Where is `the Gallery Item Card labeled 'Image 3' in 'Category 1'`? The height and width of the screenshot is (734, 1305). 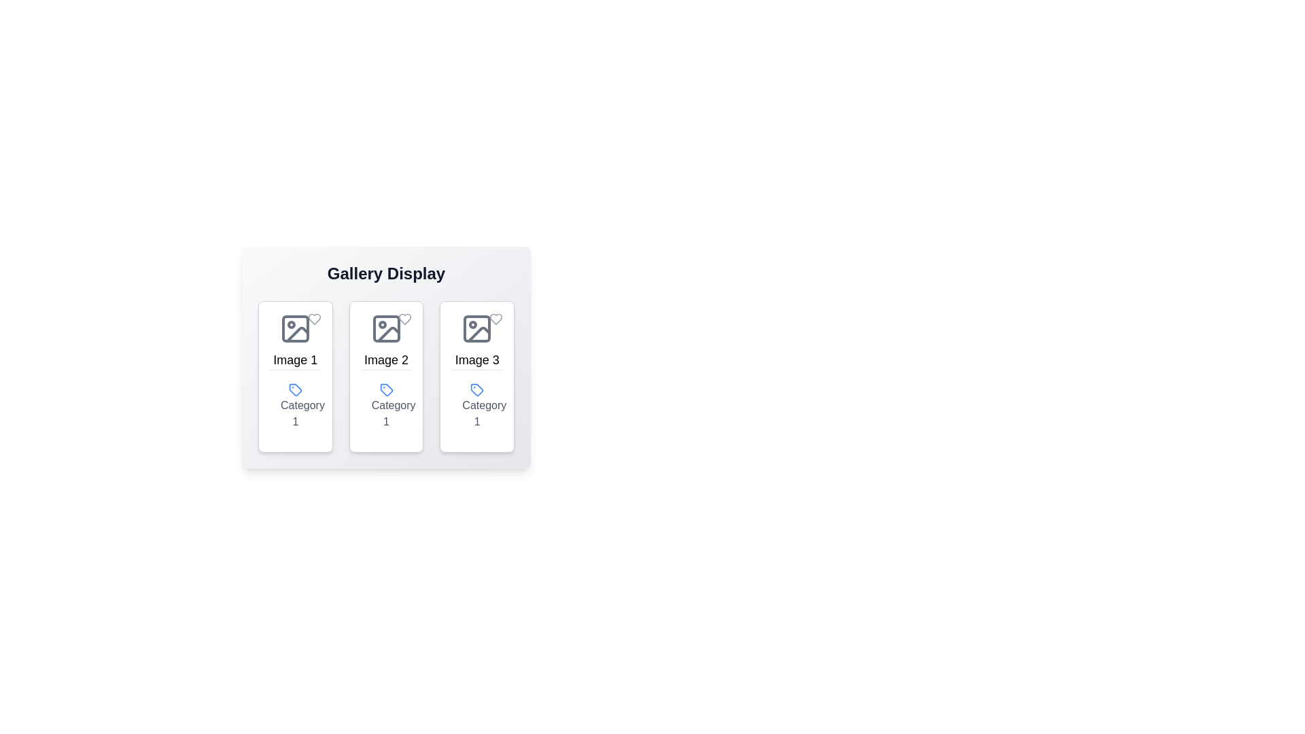
the Gallery Item Card labeled 'Image 3' in 'Category 1' is located at coordinates (477, 377).